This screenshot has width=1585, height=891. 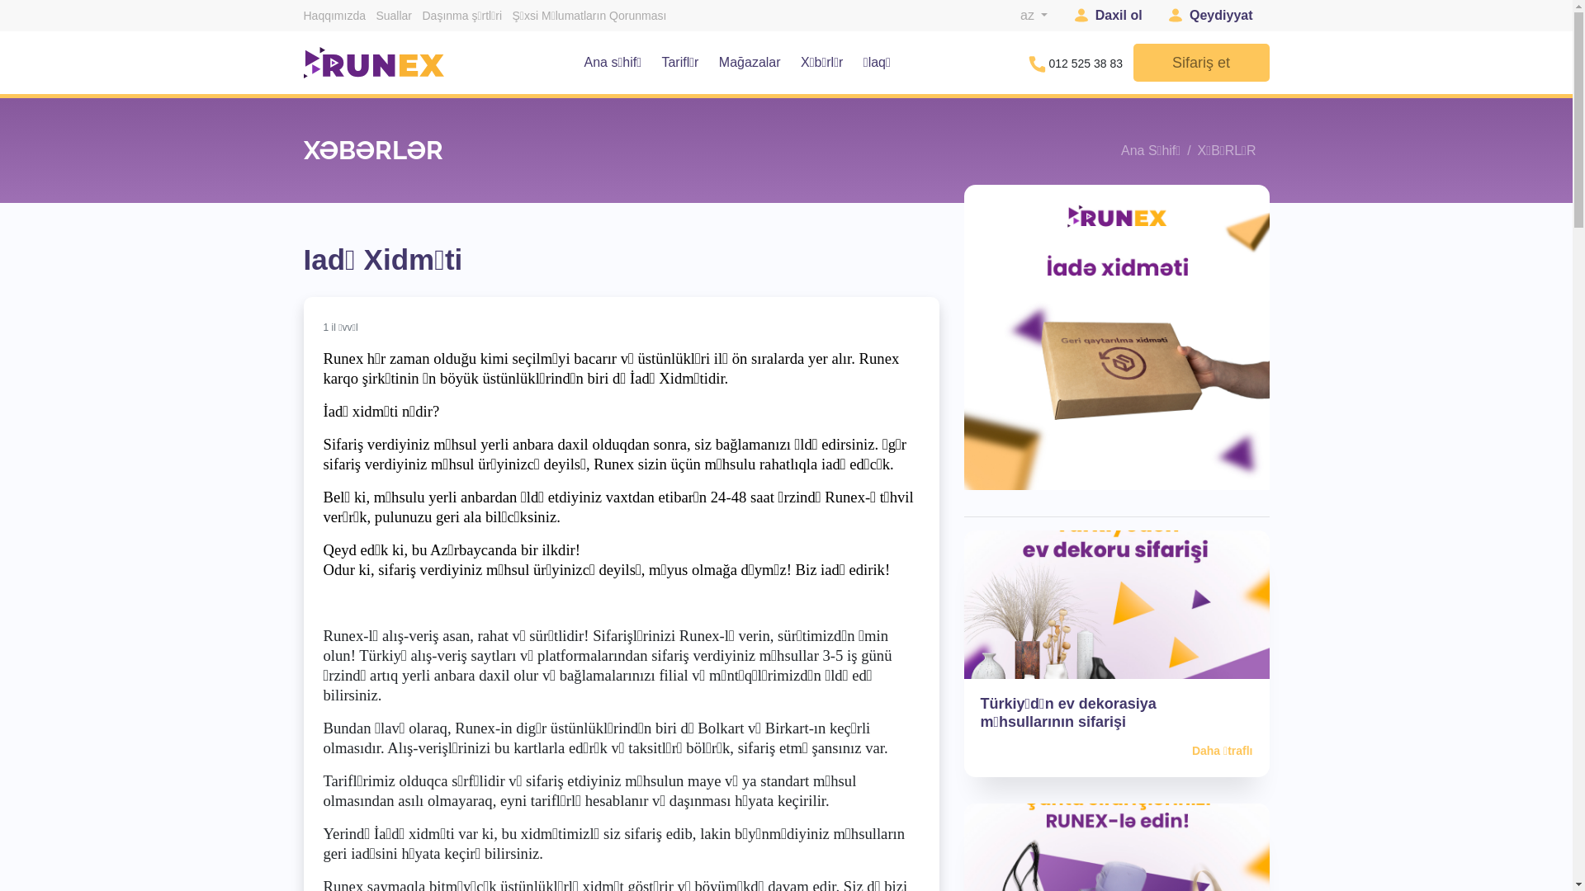 I want to click on 'Qeydiyyat', so click(x=1210, y=16).